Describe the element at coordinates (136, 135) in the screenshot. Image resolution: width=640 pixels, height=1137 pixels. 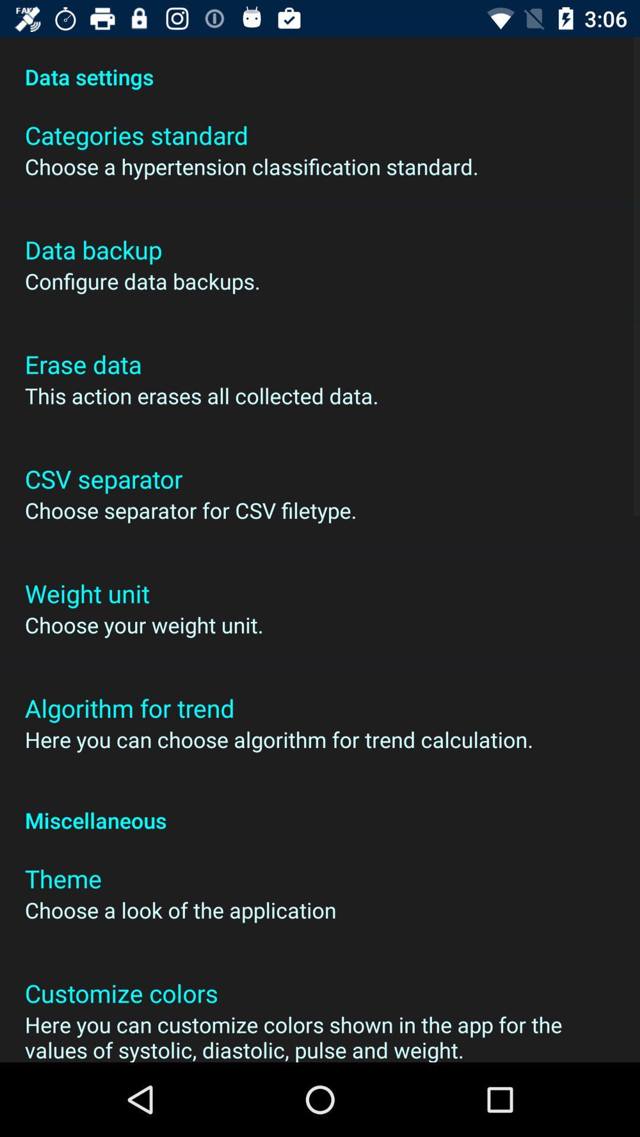
I see `the icon below data settings item` at that location.